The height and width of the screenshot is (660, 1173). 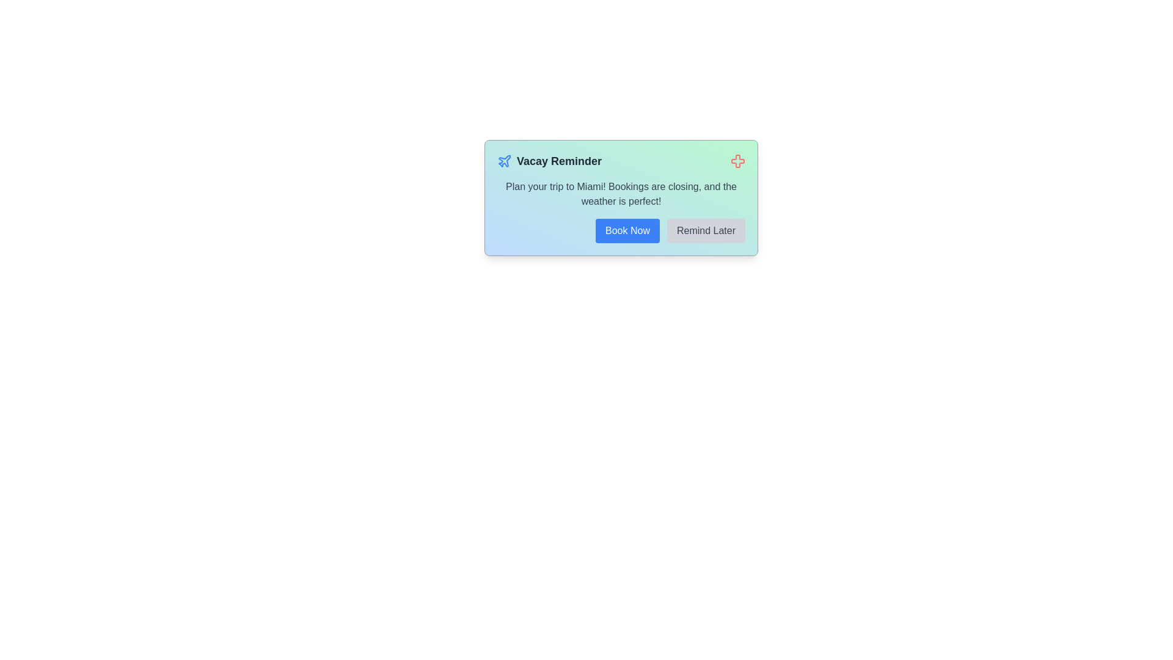 What do you see at coordinates (504, 160) in the screenshot?
I see `the blue plane-shaped icon located to the left of the text 'Vacay Reminder' in the notification box` at bounding box center [504, 160].